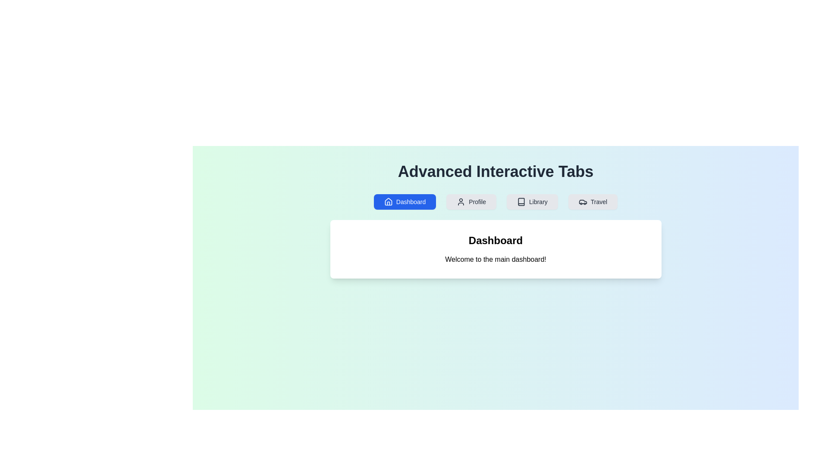 This screenshot has height=465, width=828. Describe the element at coordinates (532, 202) in the screenshot. I see `the 'Library' button, which is a rounded rectangular button with a light gray background and dark gray border, located between the 'Profile' and 'Travel' buttons` at that location.